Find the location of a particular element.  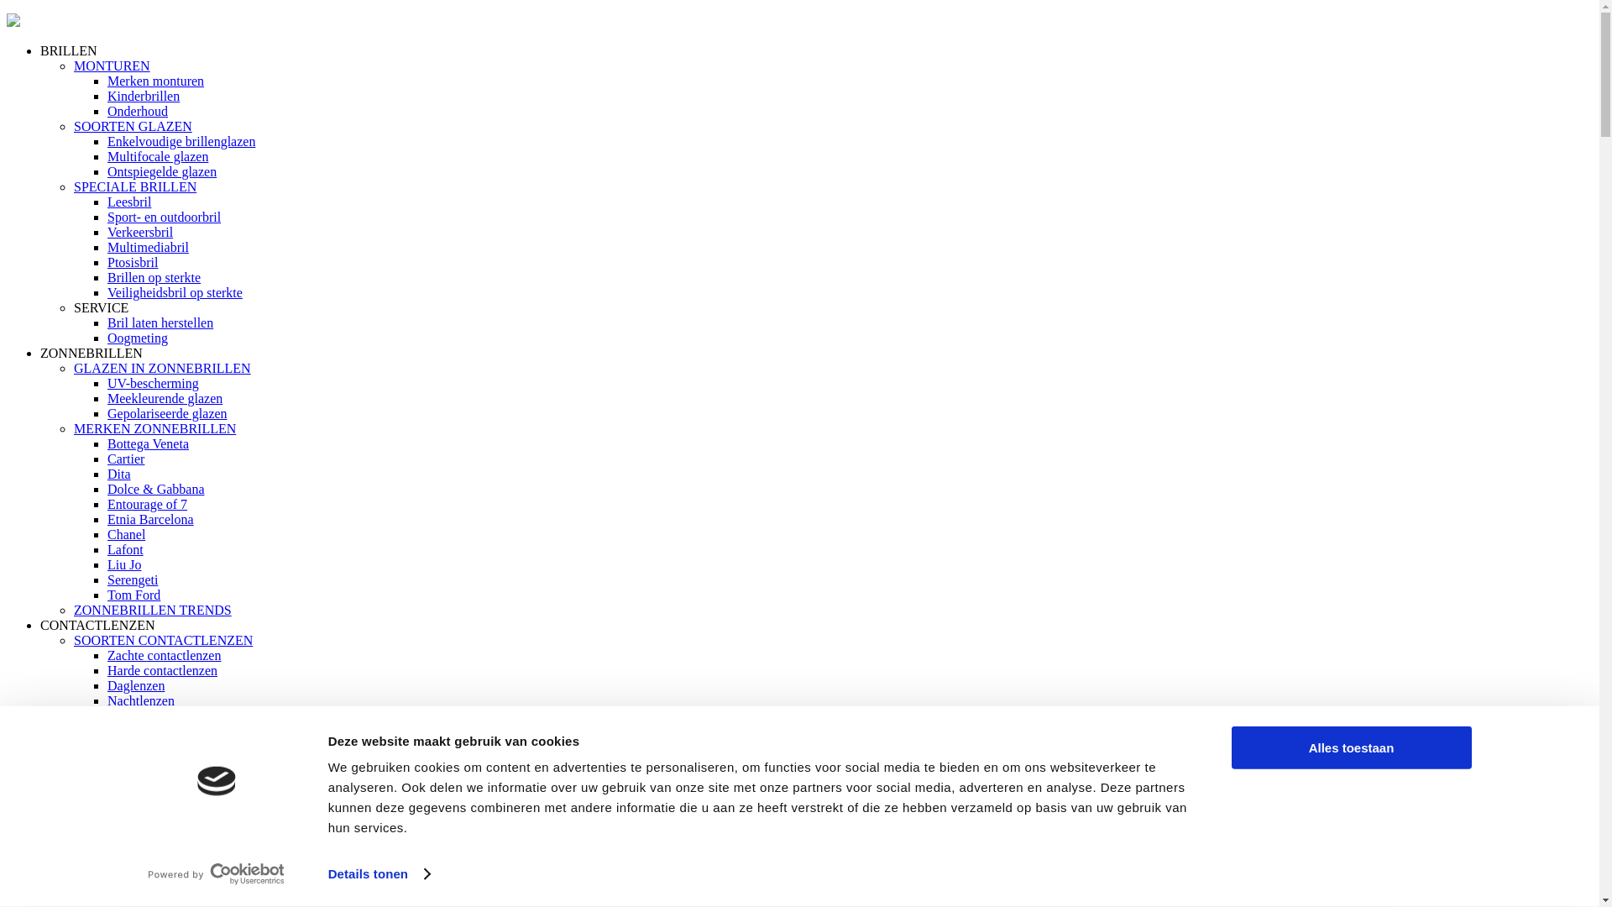

'GLAZEN IN ZONNEBRILLEN' is located at coordinates (162, 367).